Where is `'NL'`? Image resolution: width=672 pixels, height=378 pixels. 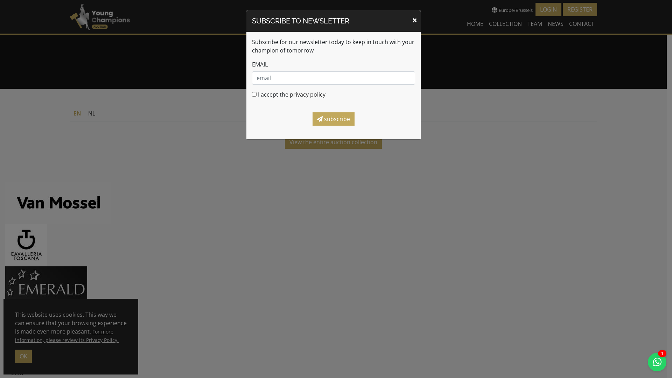 'NL' is located at coordinates (91, 113).